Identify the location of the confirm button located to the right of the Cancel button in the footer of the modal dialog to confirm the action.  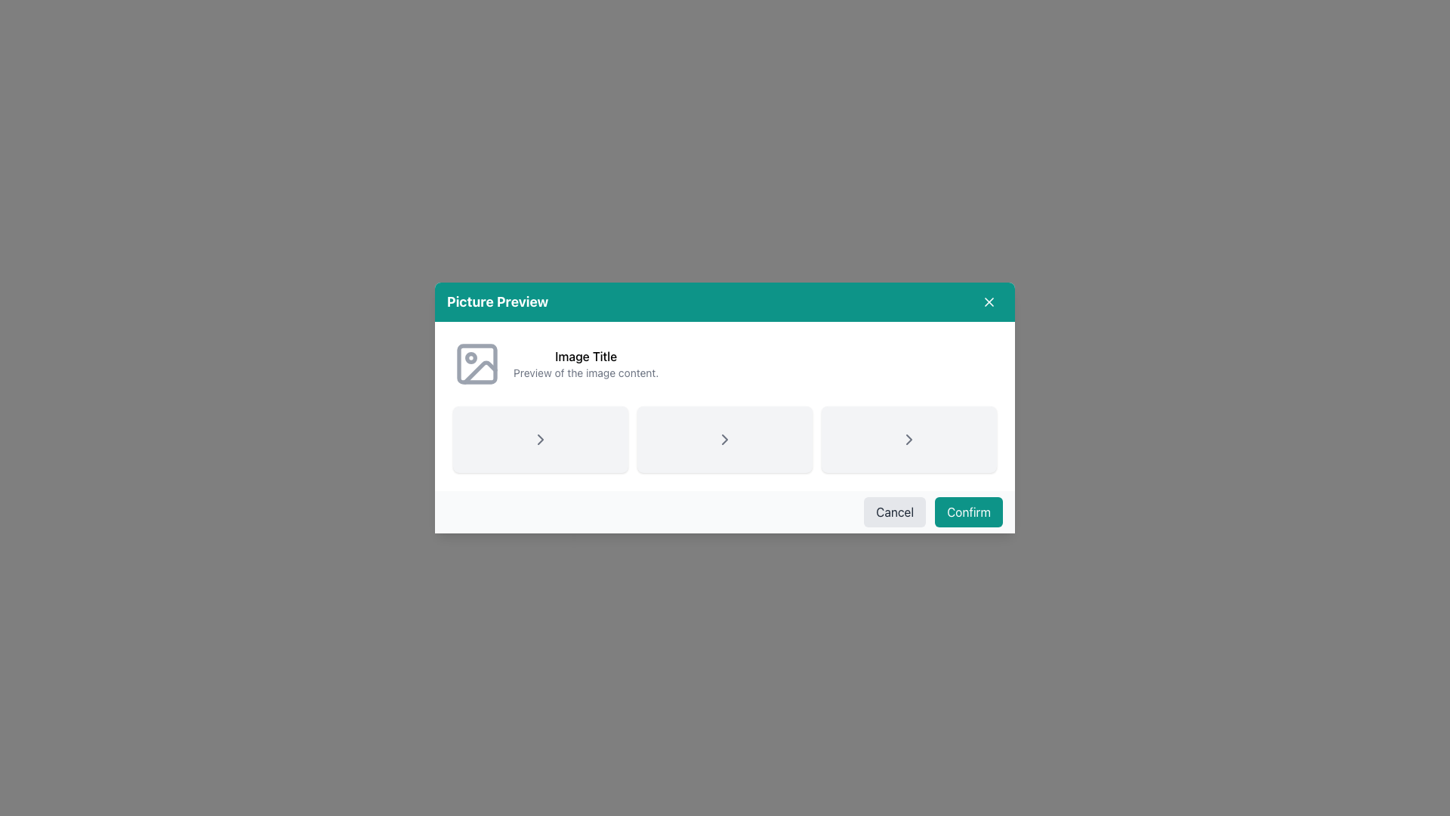
(968, 512).